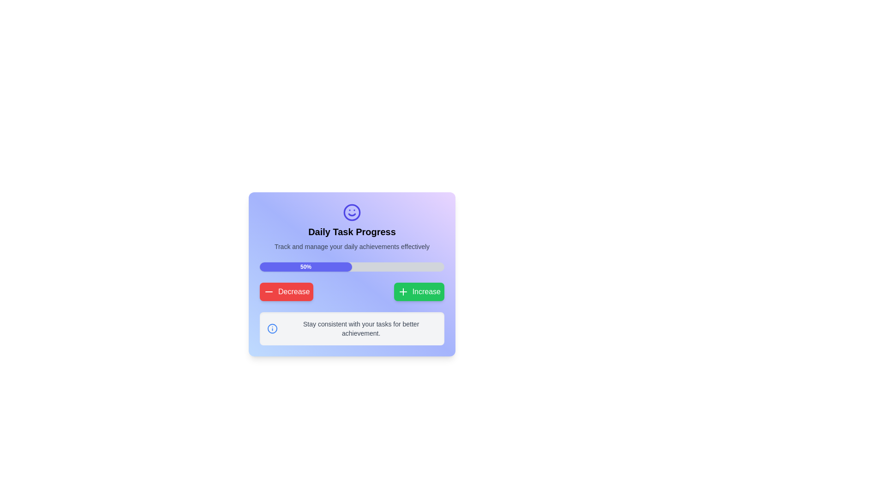 This screenshot has width=886, height=498. I want to click on the header component that provides a summary and motivational message about daily task progress, so click(352, 227).